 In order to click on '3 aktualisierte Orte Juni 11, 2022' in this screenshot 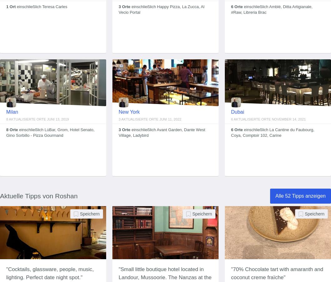, I will do `click(149, 119)`.